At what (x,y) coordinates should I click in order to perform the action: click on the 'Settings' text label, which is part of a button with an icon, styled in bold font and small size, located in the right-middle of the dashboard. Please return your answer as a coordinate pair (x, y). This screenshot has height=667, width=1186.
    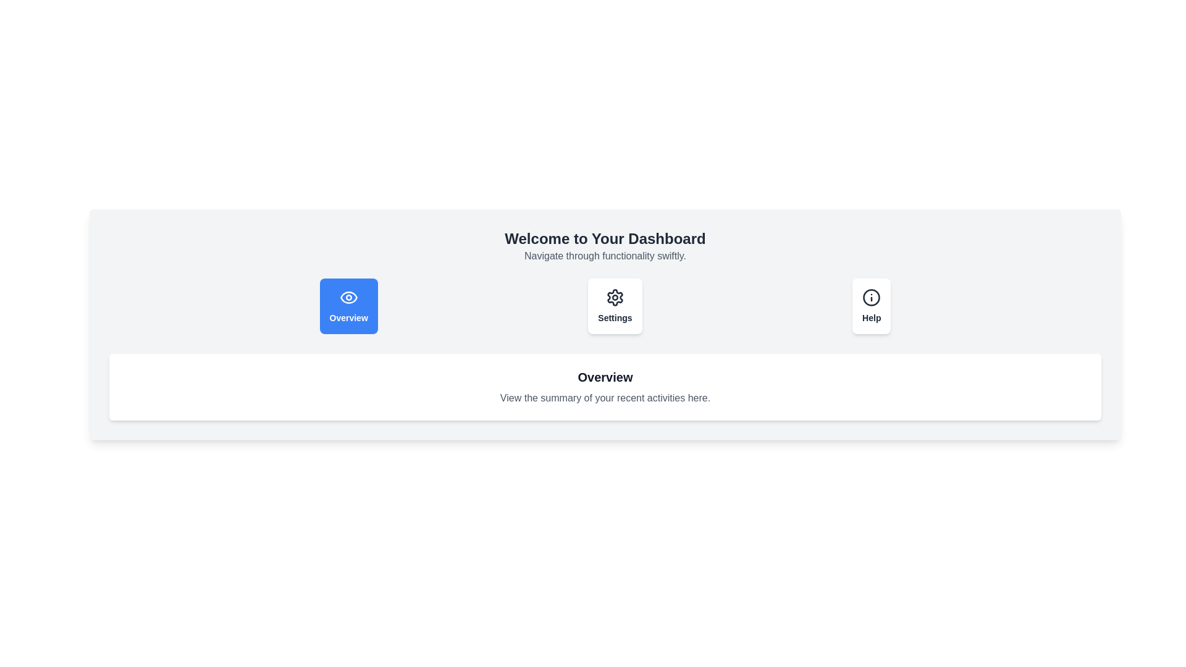
    Looking at the image, I should click on (615, 317).